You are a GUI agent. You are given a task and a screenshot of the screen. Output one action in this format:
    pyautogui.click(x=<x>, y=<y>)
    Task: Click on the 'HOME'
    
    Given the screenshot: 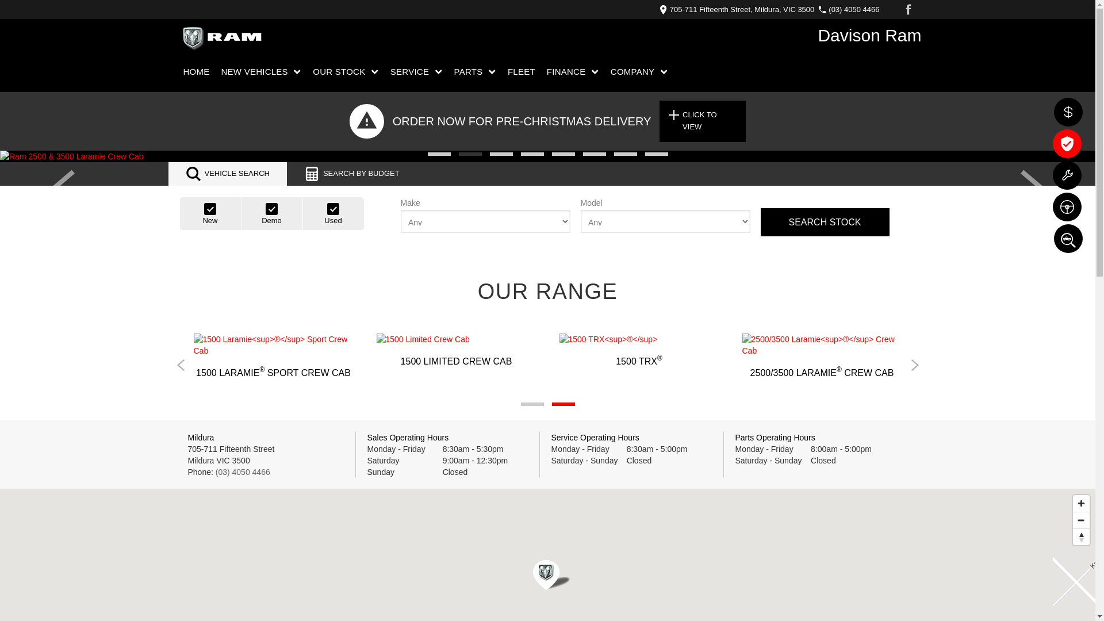 What is the action you would take?
    pyautogui.click(x=198, y=71)
    